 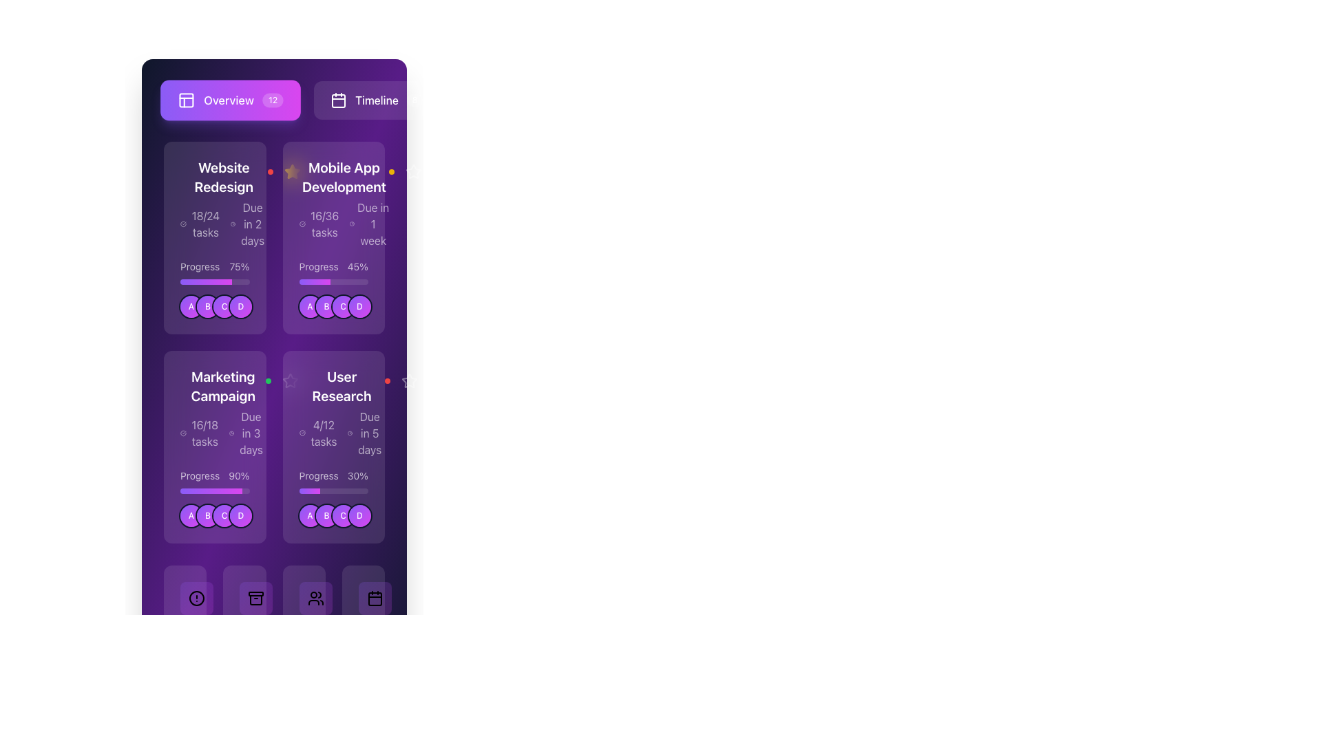 I want to click on the small circle badge labeled 'C' with a gradient background transitioning from violet to fuchsia, located in the group of four circles at the bottom of the 'Marketing Campaign' card layout, so click(x=224, y=515).